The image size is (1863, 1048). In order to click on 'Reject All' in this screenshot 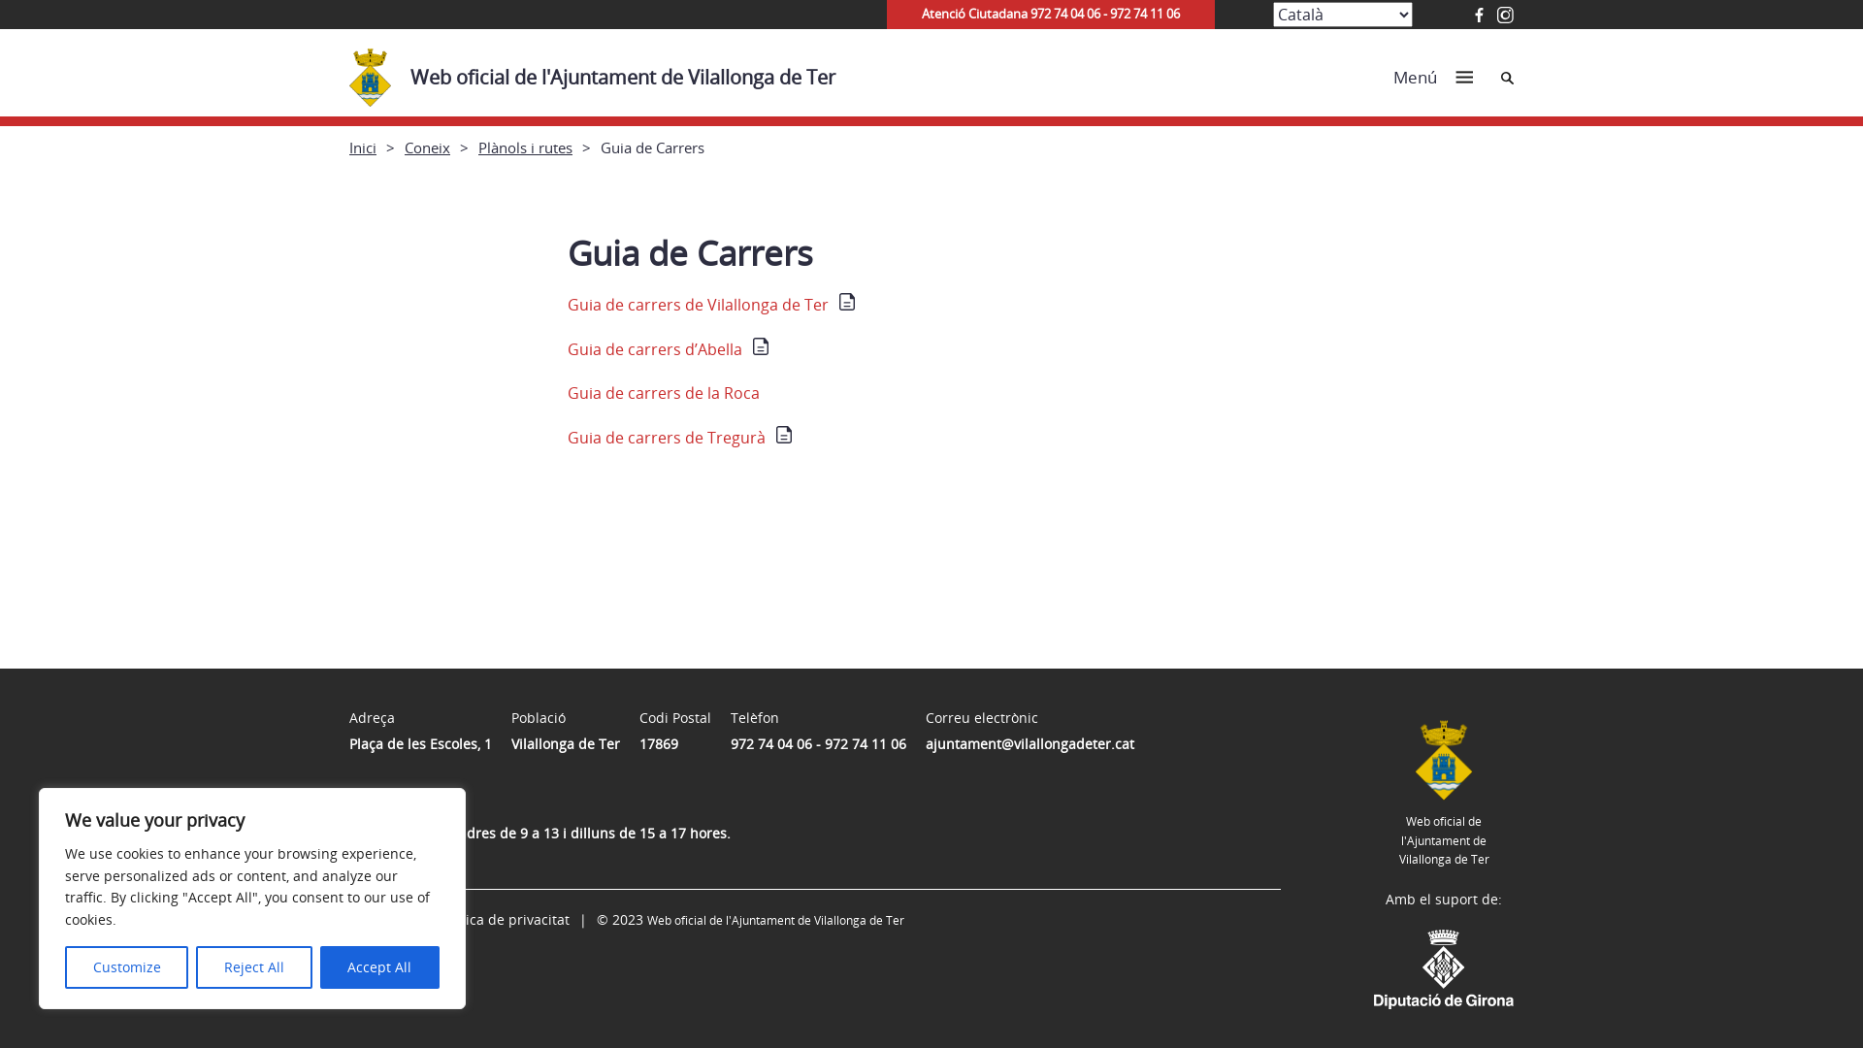, I will do `click(195, 966)`.